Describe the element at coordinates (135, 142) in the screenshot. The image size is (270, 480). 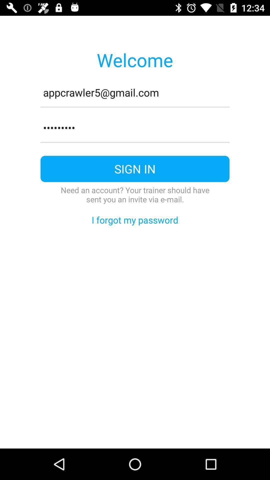
I see `the icon above the sign in item` at that location.